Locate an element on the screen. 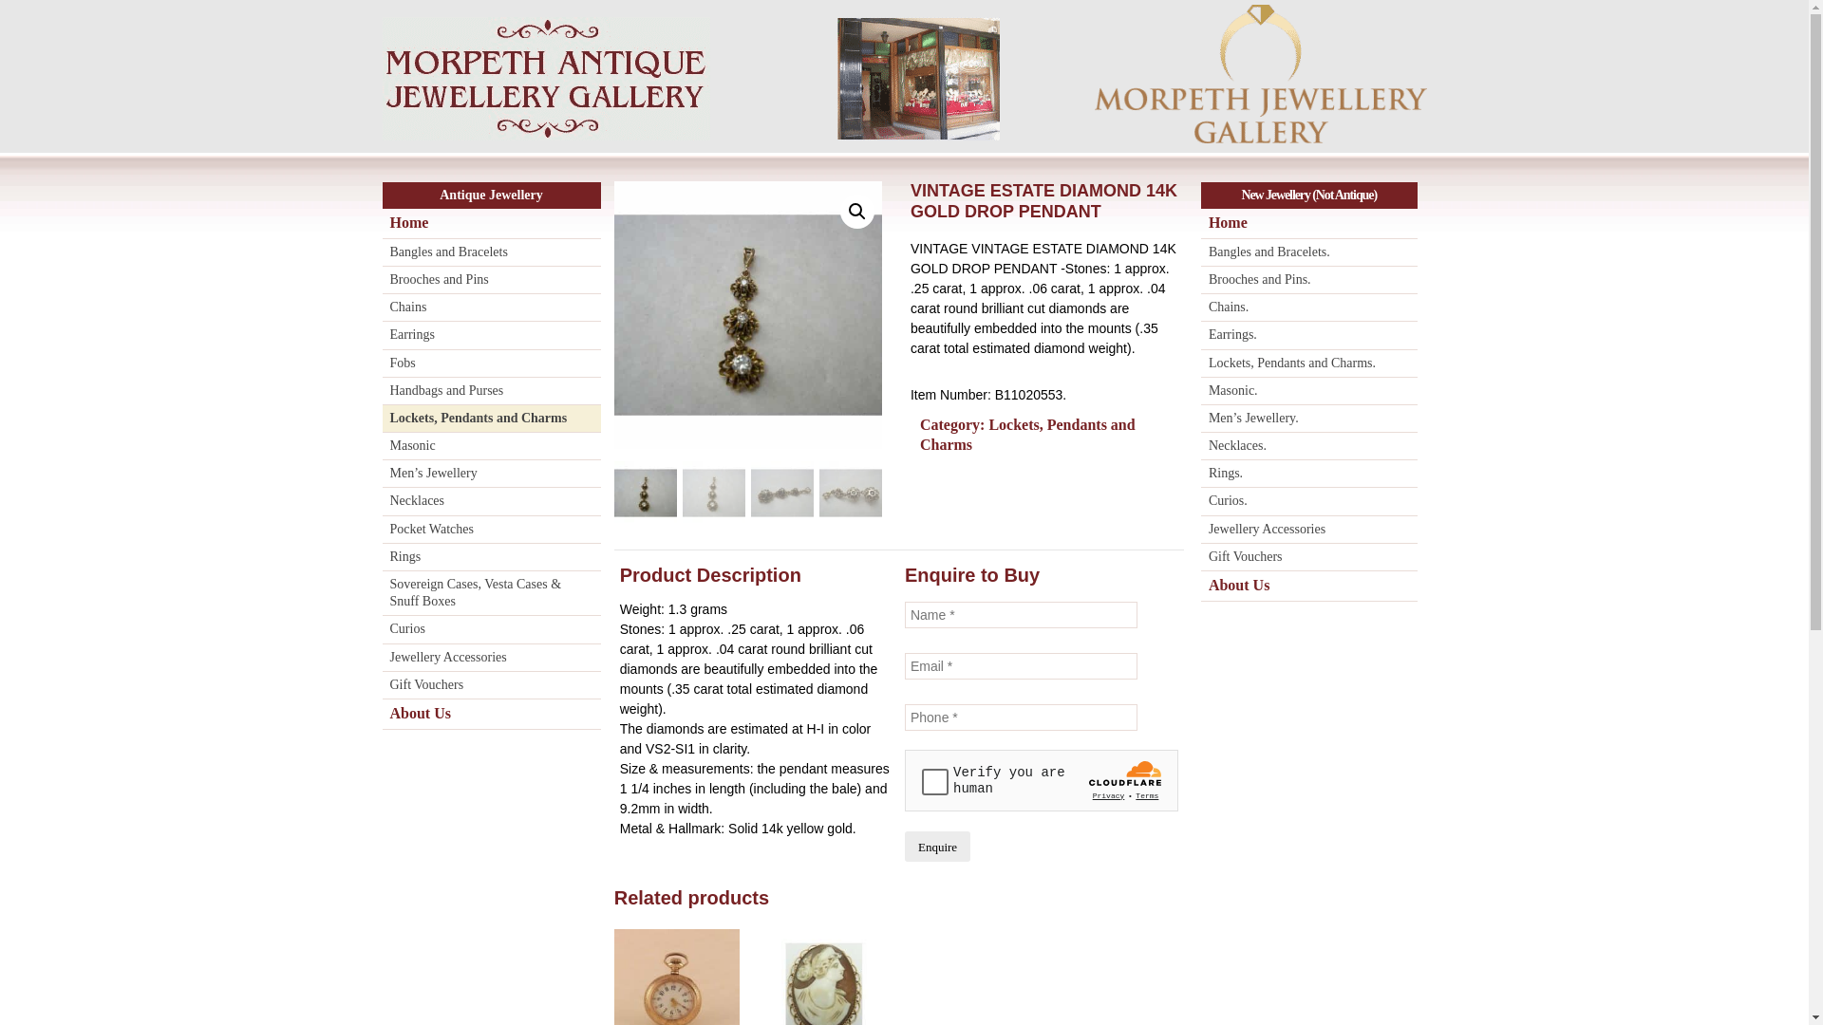 The image size is (1823, 1025). 'Gift Vouchers' is located at coordinates (491, 685).